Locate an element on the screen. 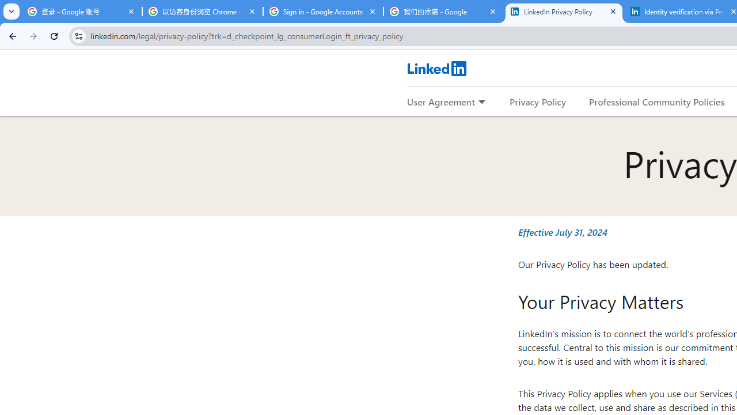  'Effective July 31, 2024' is located at coordinates (563, 232).